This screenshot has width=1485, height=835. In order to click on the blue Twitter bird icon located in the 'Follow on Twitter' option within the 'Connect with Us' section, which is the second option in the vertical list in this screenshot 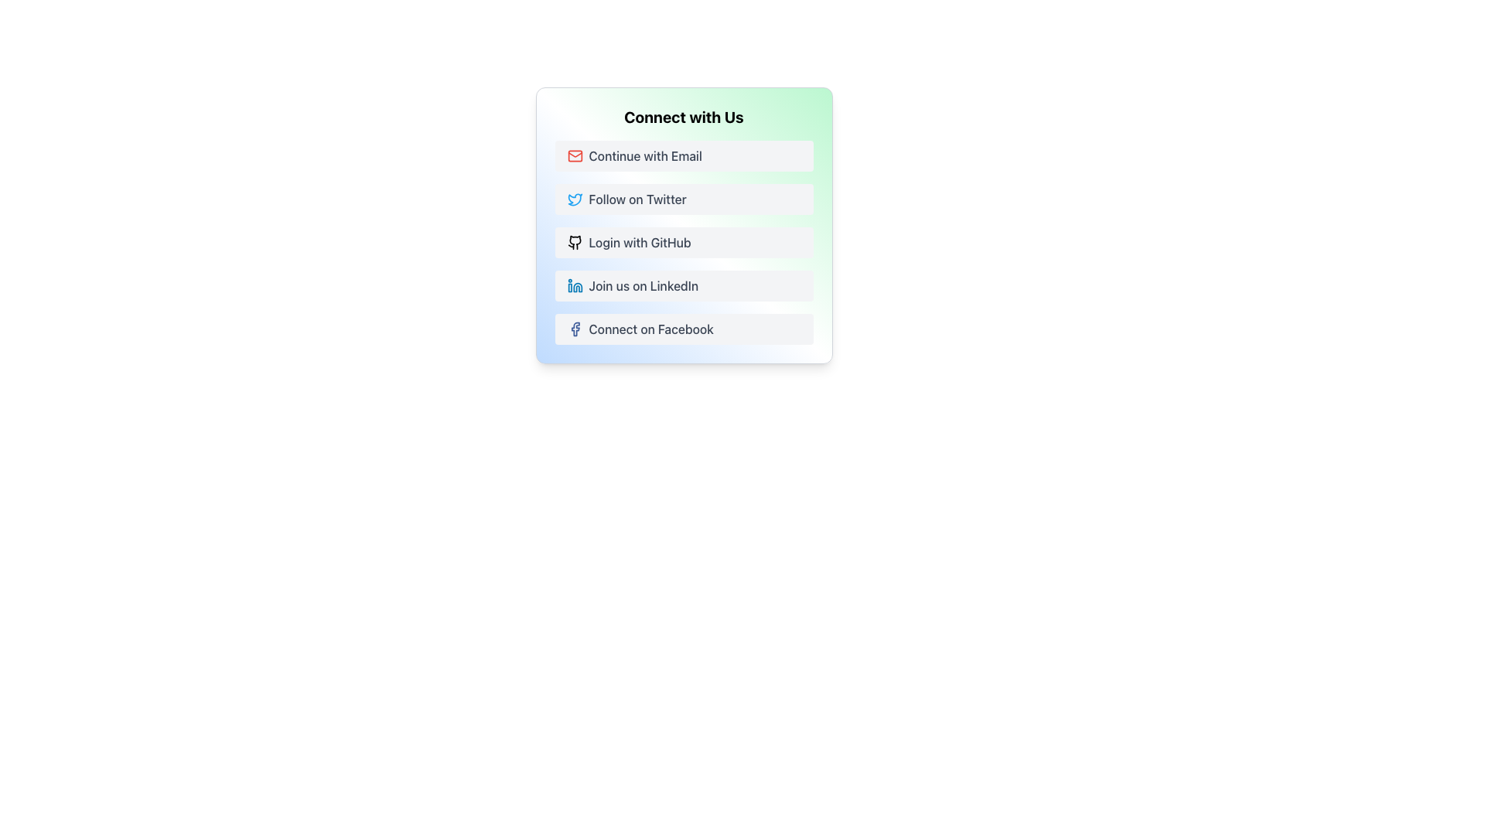, I will do `click(574, 199)`.